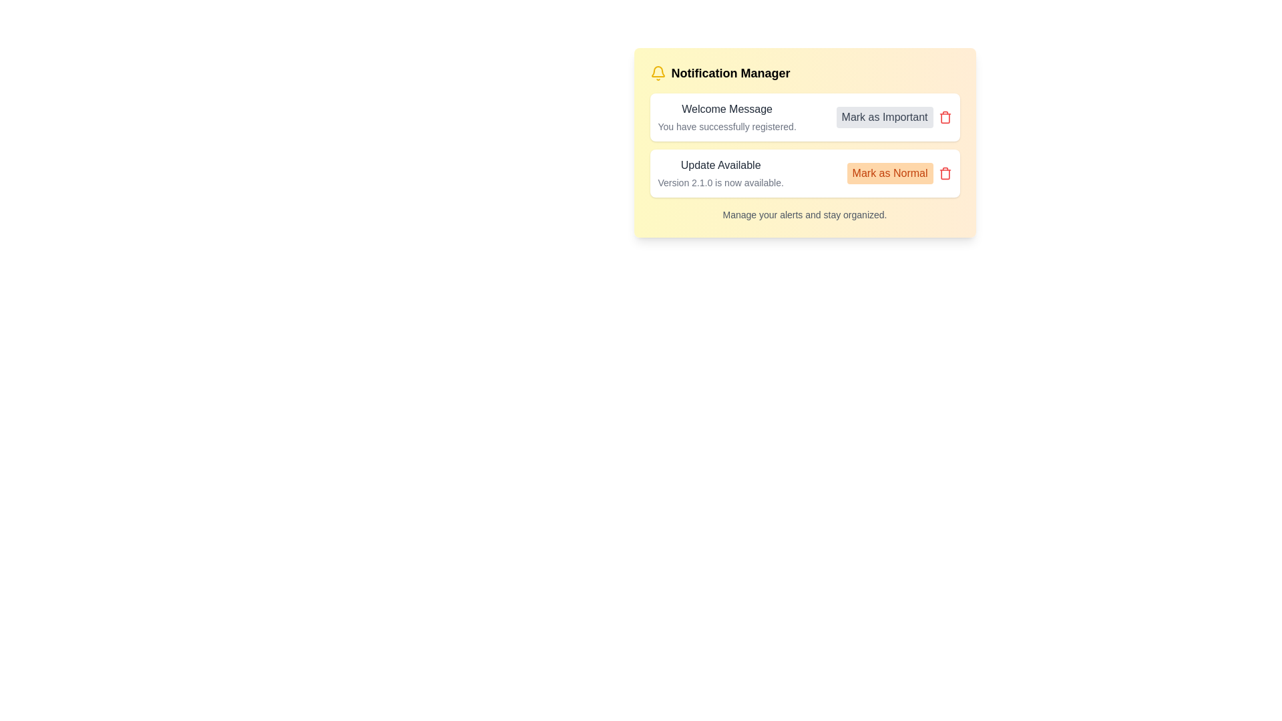  Describe the element at coordinates (726, 109) in the screenshot. I see `the text label displaying 'Welcome Message' within the 'Notification Manager' notification block` at that location.